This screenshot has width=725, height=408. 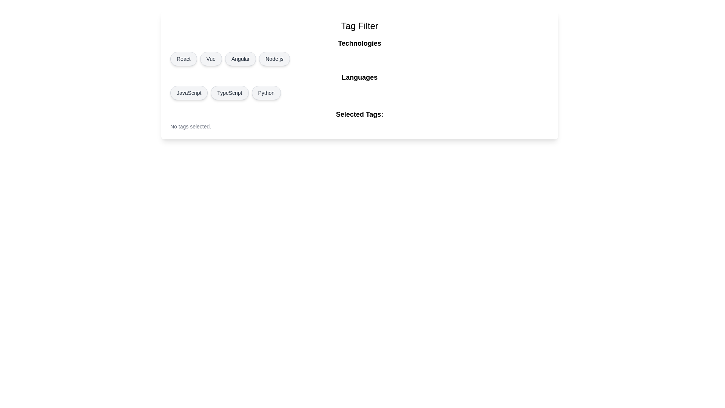 I want to click on the 'TypeScript' button, which is the second button in a group of three, located under the 'Languages' header, so click(x=229, y=93).